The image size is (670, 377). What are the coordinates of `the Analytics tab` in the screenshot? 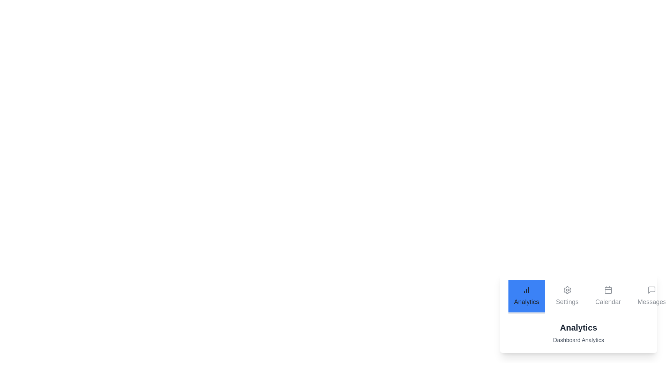 It's located at (526, 297).